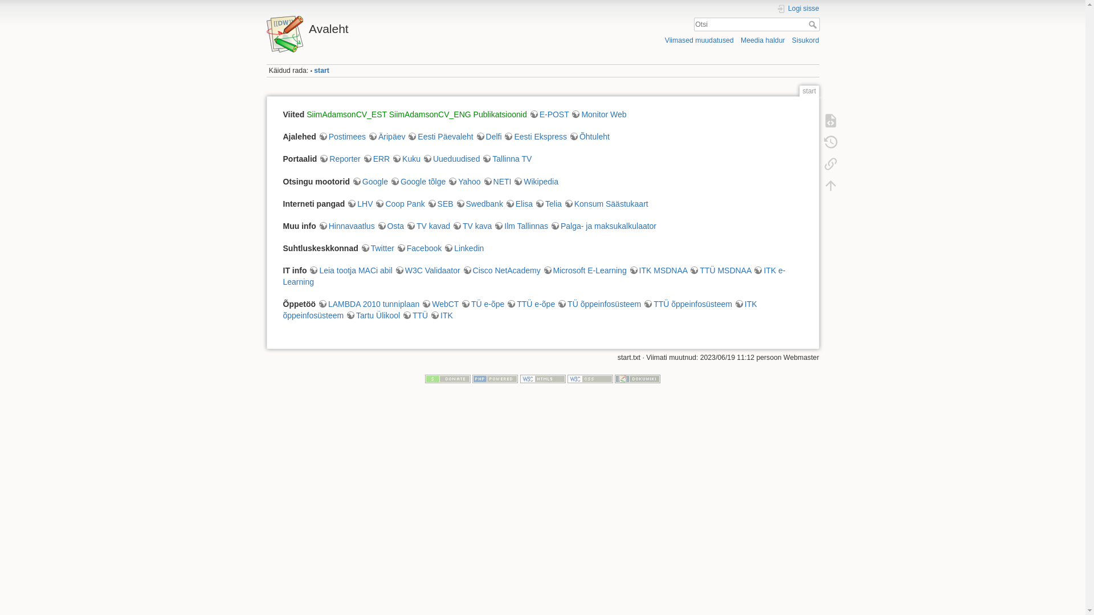 The height and width of the screenshot is (615, 1094). Describe the element at coordinates (534, 203) in the screenshot. I see `'Telia'` at that location.